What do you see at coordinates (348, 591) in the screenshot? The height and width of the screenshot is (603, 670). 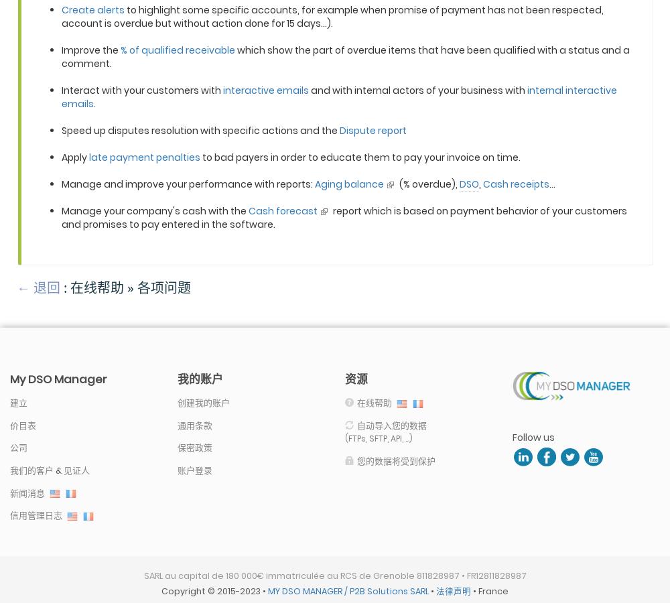 I see `'MY DSO MANAGER / P2B Solutions SARL'` at bounding box center [348, 591].